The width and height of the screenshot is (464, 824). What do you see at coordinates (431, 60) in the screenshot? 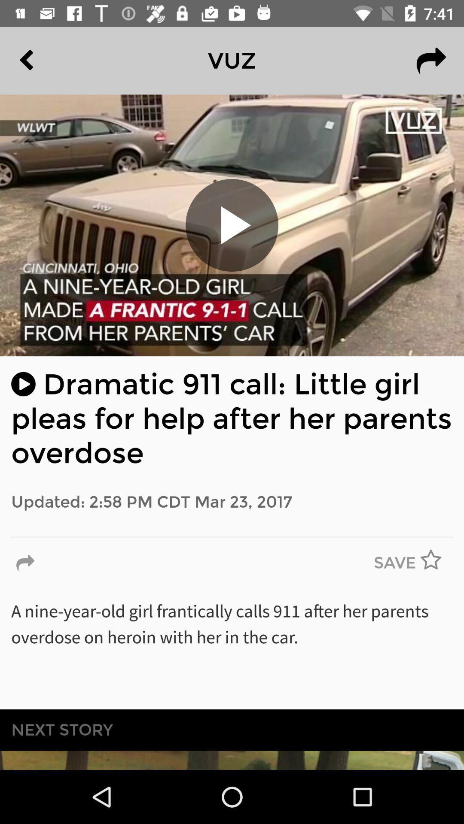
I see `the icon to the right of vuz` at bounding box center [431, 60].